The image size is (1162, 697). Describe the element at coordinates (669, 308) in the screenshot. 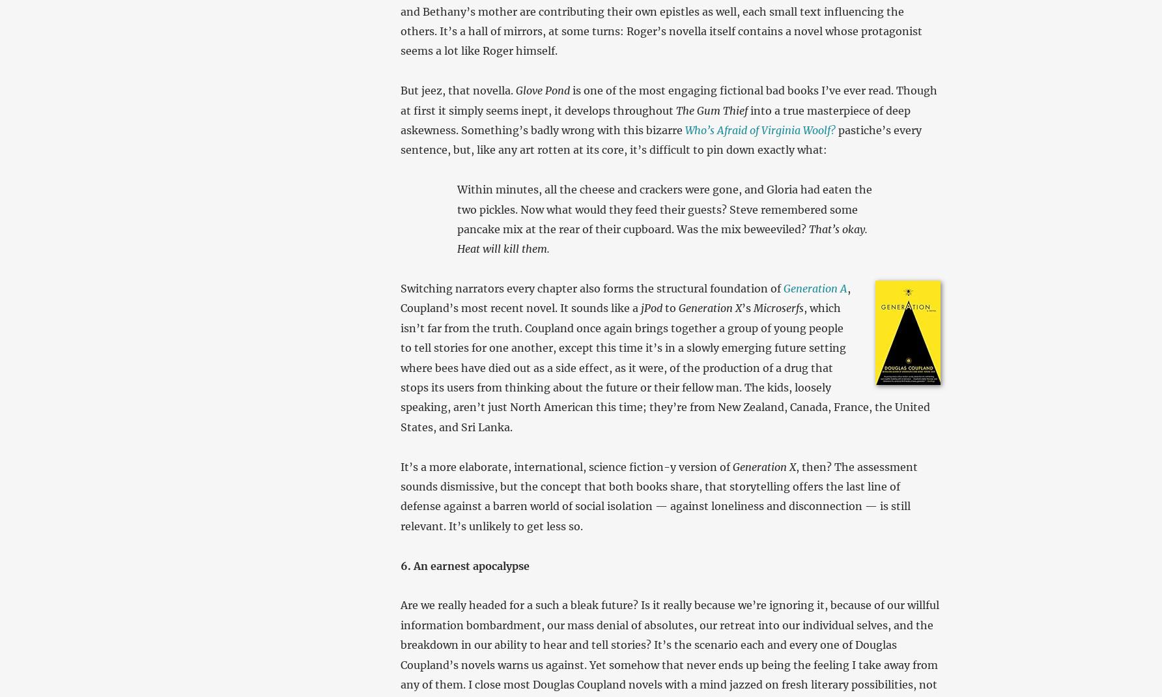

I see `'to'` at that location.